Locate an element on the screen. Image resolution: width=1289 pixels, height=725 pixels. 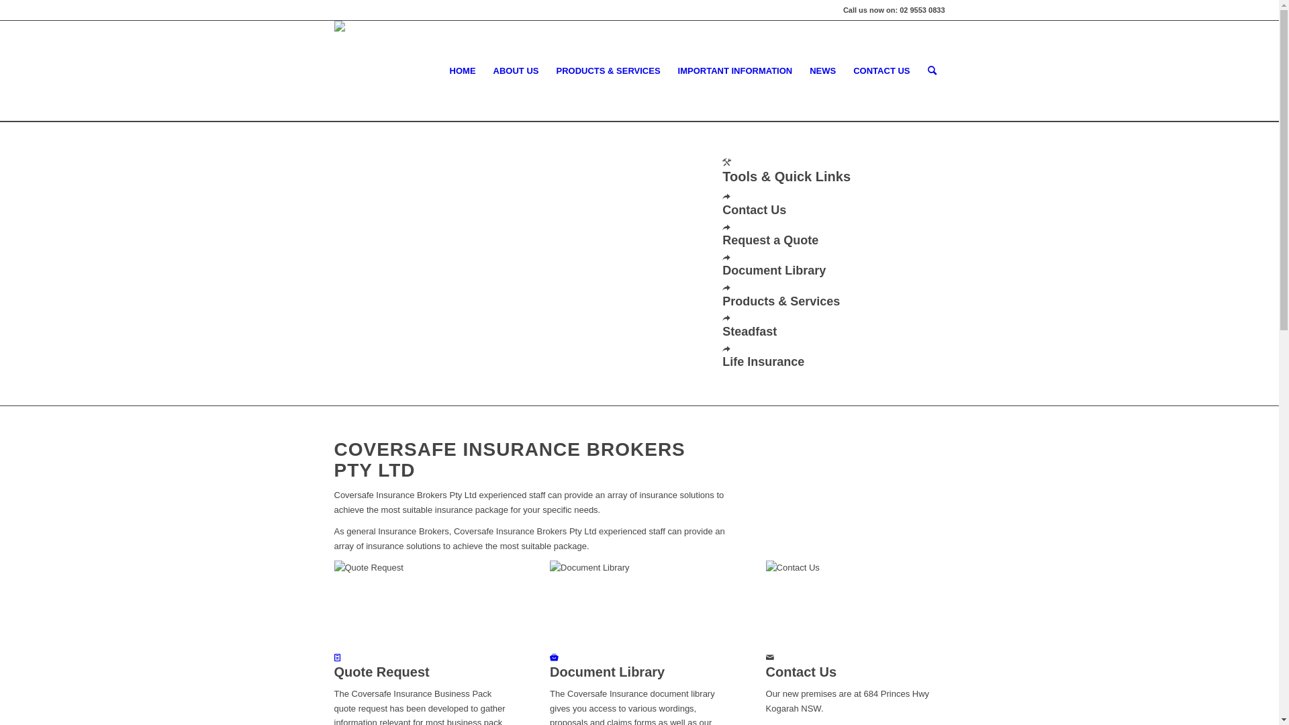
'Contact Us' is located at coordinates (754, 209).